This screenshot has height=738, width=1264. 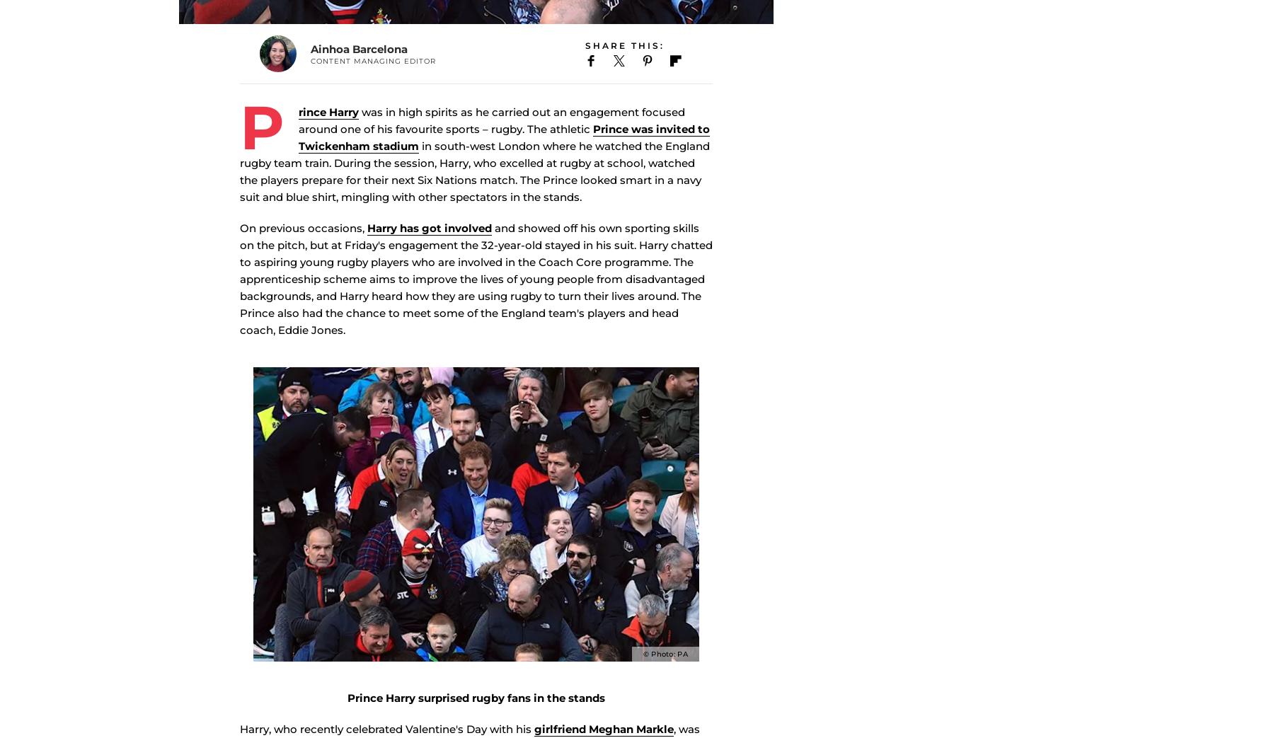 What do you see at coordinates (239, 192) in the screenshot?
I see `'in south-west London where he watched the England rugby team train. During the session, Harry, who excelled at rugby at school, watched the players prepare for their next Six Nations match. The Prince looked smart in a navy suit and blue shirt, mingling with other spectators in the stands.'` at bounding box center [239, 192].